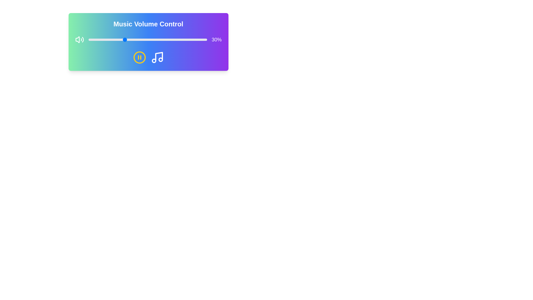  What do you see at coordinates (182, 39) in the screenshot?
I see `the volume` at bounding box center [182, 39].